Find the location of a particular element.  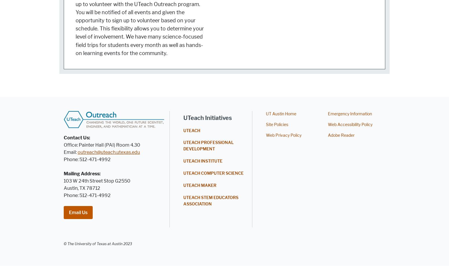

'UTeach Initiatives' is located at coordinates (207, 117).